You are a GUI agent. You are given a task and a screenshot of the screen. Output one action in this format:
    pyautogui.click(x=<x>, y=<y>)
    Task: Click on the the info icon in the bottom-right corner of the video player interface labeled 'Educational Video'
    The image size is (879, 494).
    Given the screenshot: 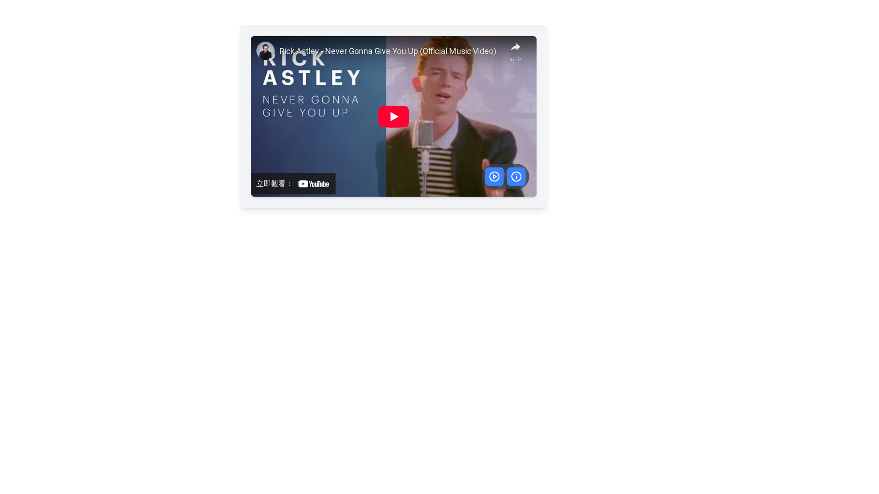 What is the action you would take?
    pyautogui.click(x=505, y=176)
    